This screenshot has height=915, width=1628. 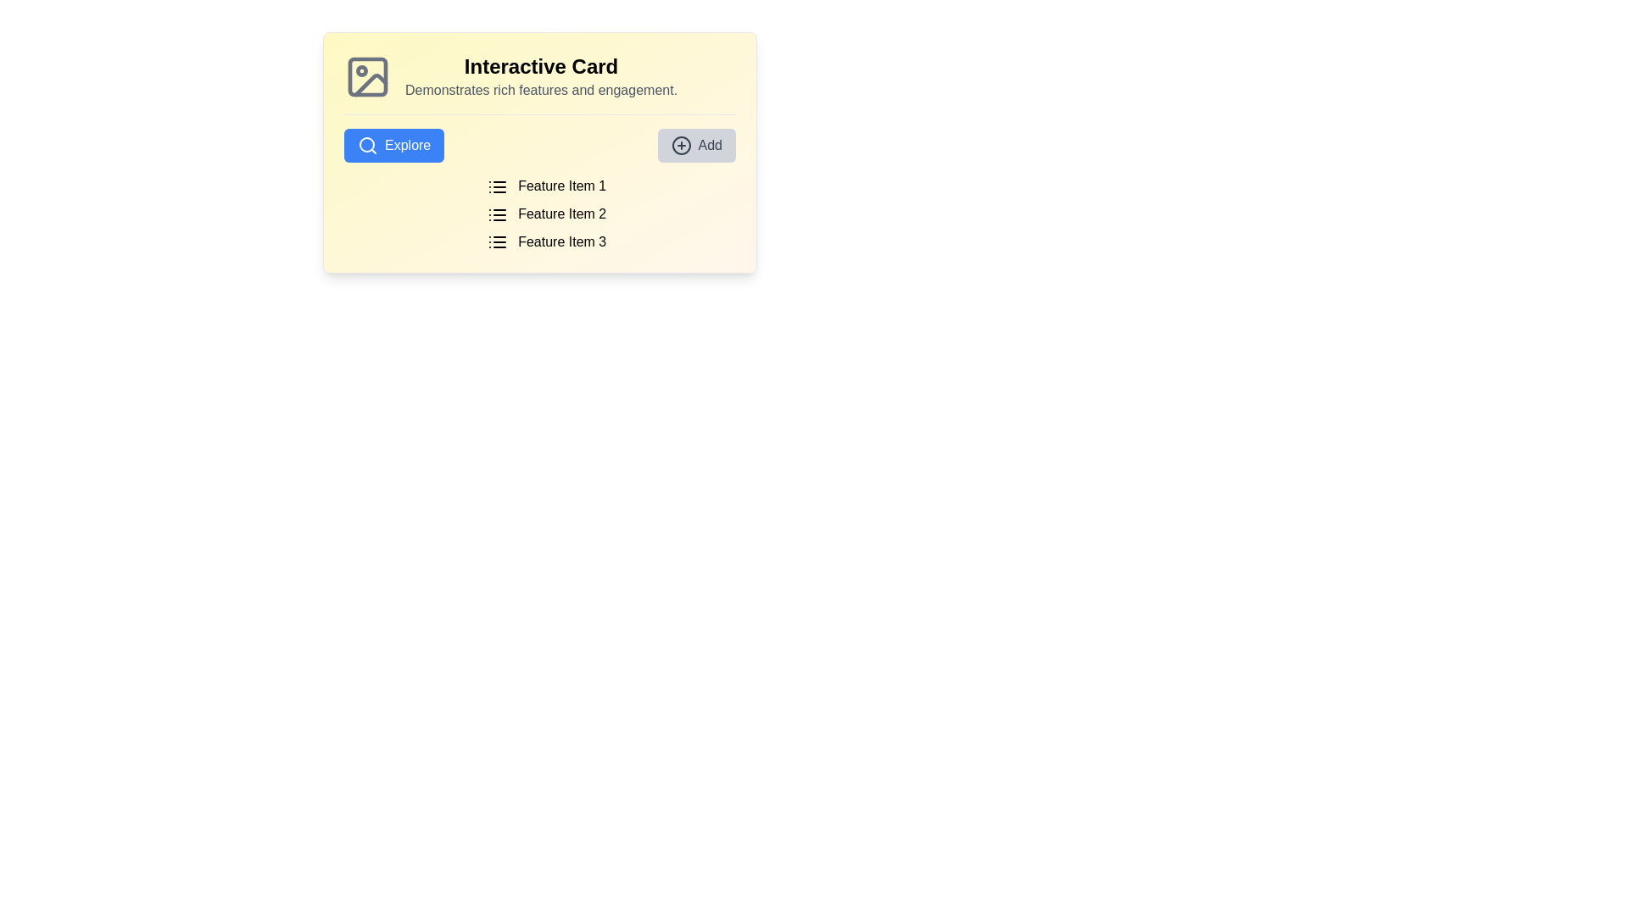 What do you see at coordinates (496, 242) in the screenshot?
I see `the List Icon or Feature Indicator associated with 'Feature Item 3'` at bounding box center [496, 242].